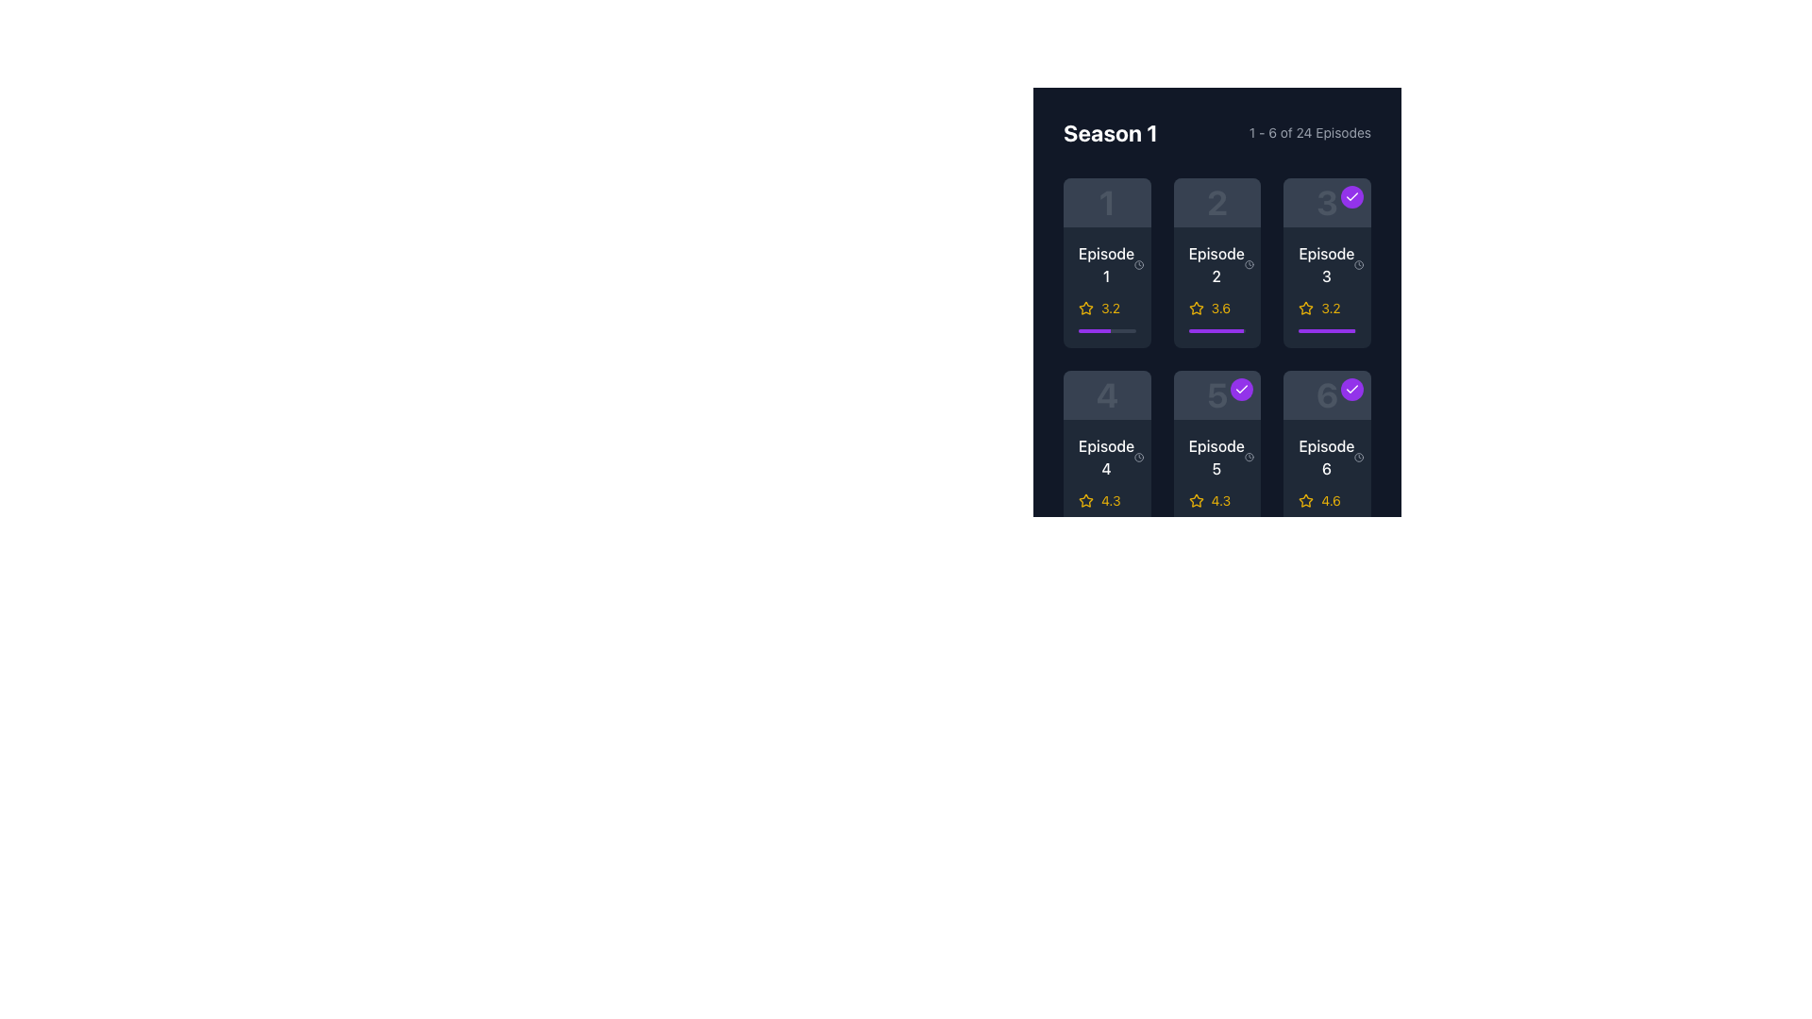 This screenshot has height=1019, width=1812. What do you see at coordinates (1304, 307) in the screenshot?
I see `the yellow star-shaped icon associated with rating items` at bounding box center [1304, 307].